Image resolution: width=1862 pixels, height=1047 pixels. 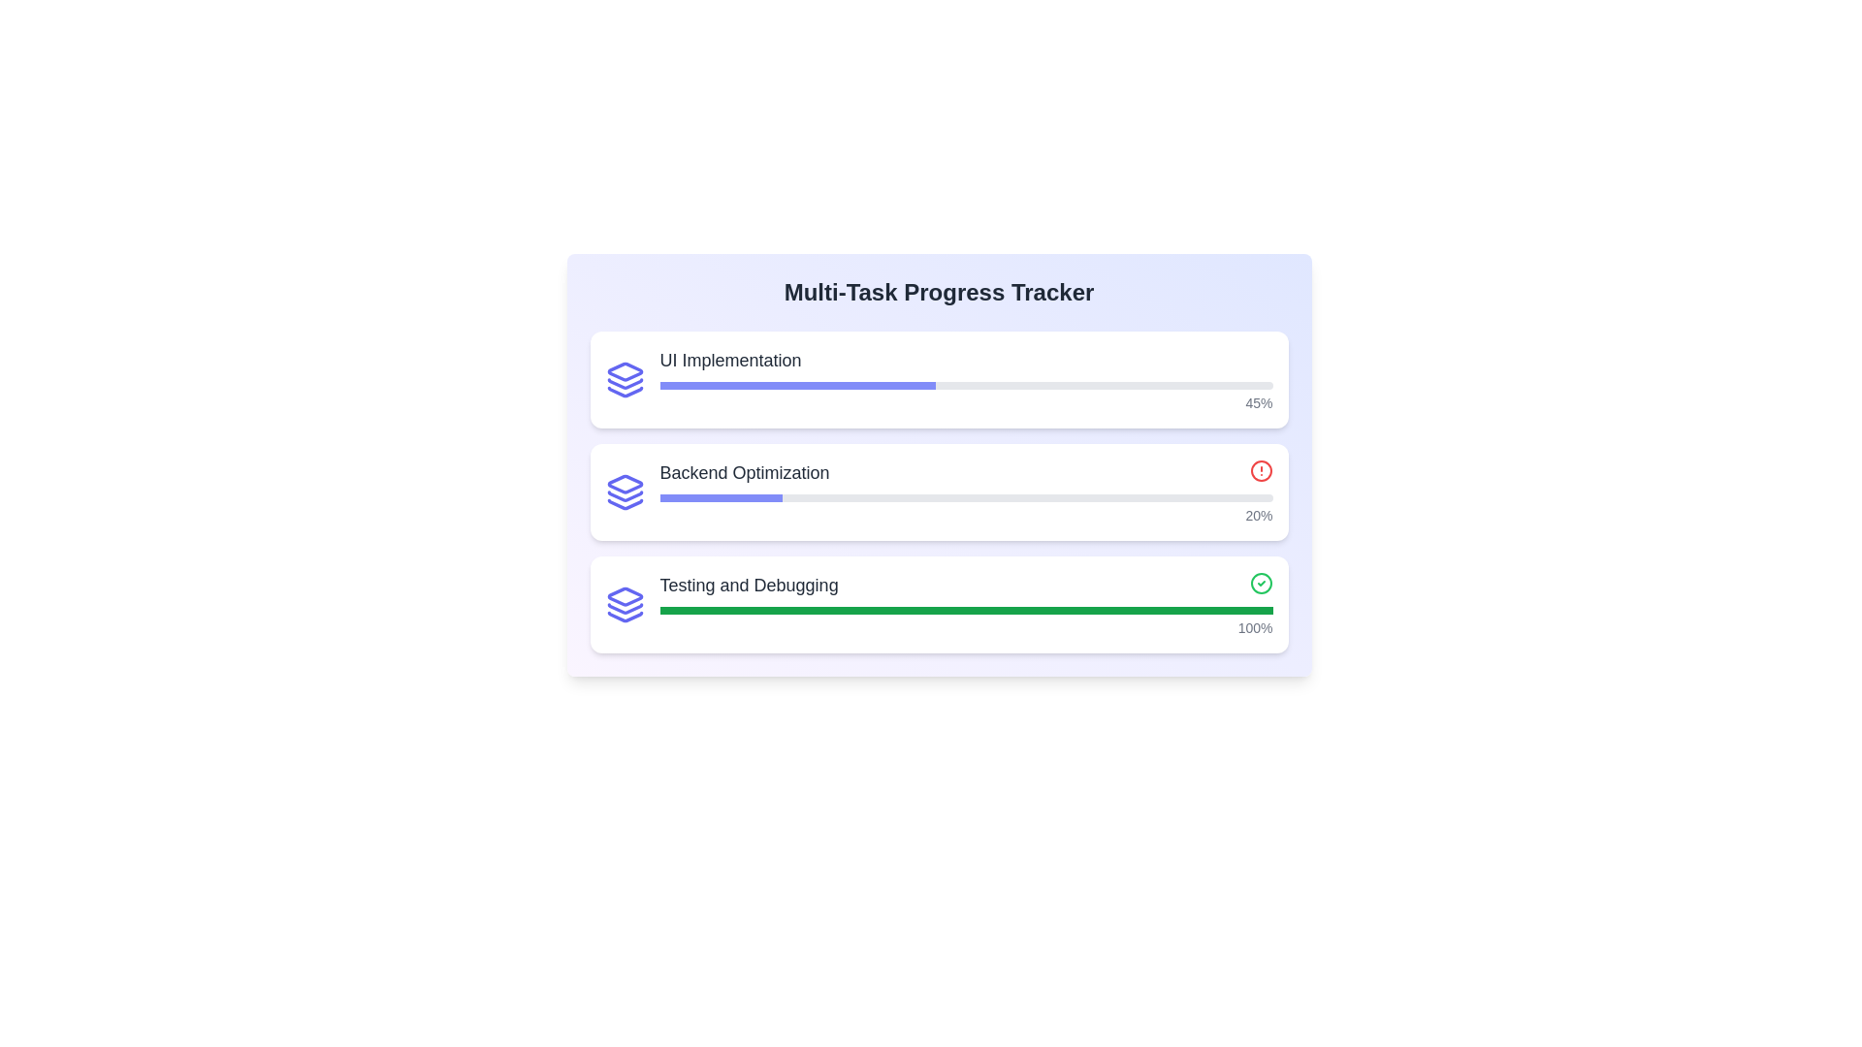 What do you see at coordinates (966, 396) in the screenshot?
I see `the Progress bar indicating 45% completion for the UI Implementation task` at bounding box center [966, 396].